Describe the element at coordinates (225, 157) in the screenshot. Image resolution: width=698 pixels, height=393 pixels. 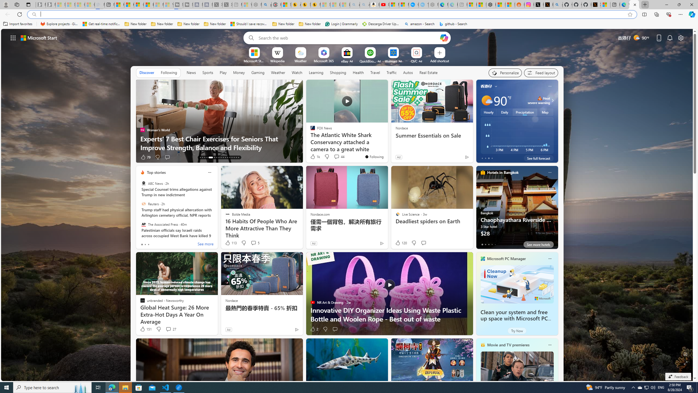
I see `'AutomationID: tab-23'` at that location.